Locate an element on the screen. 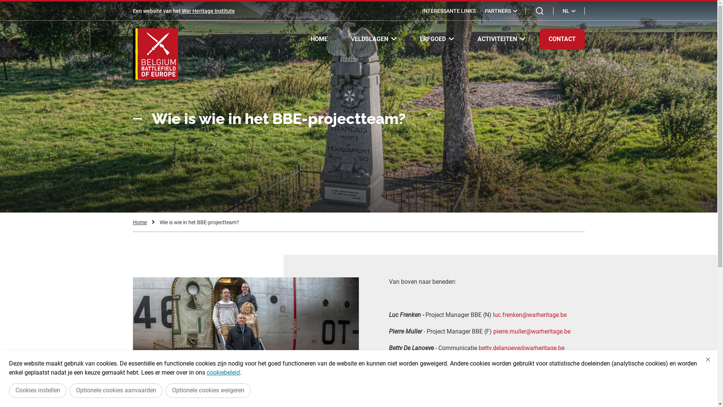  'cookiebeleid' is located at coordinates (223, 372).